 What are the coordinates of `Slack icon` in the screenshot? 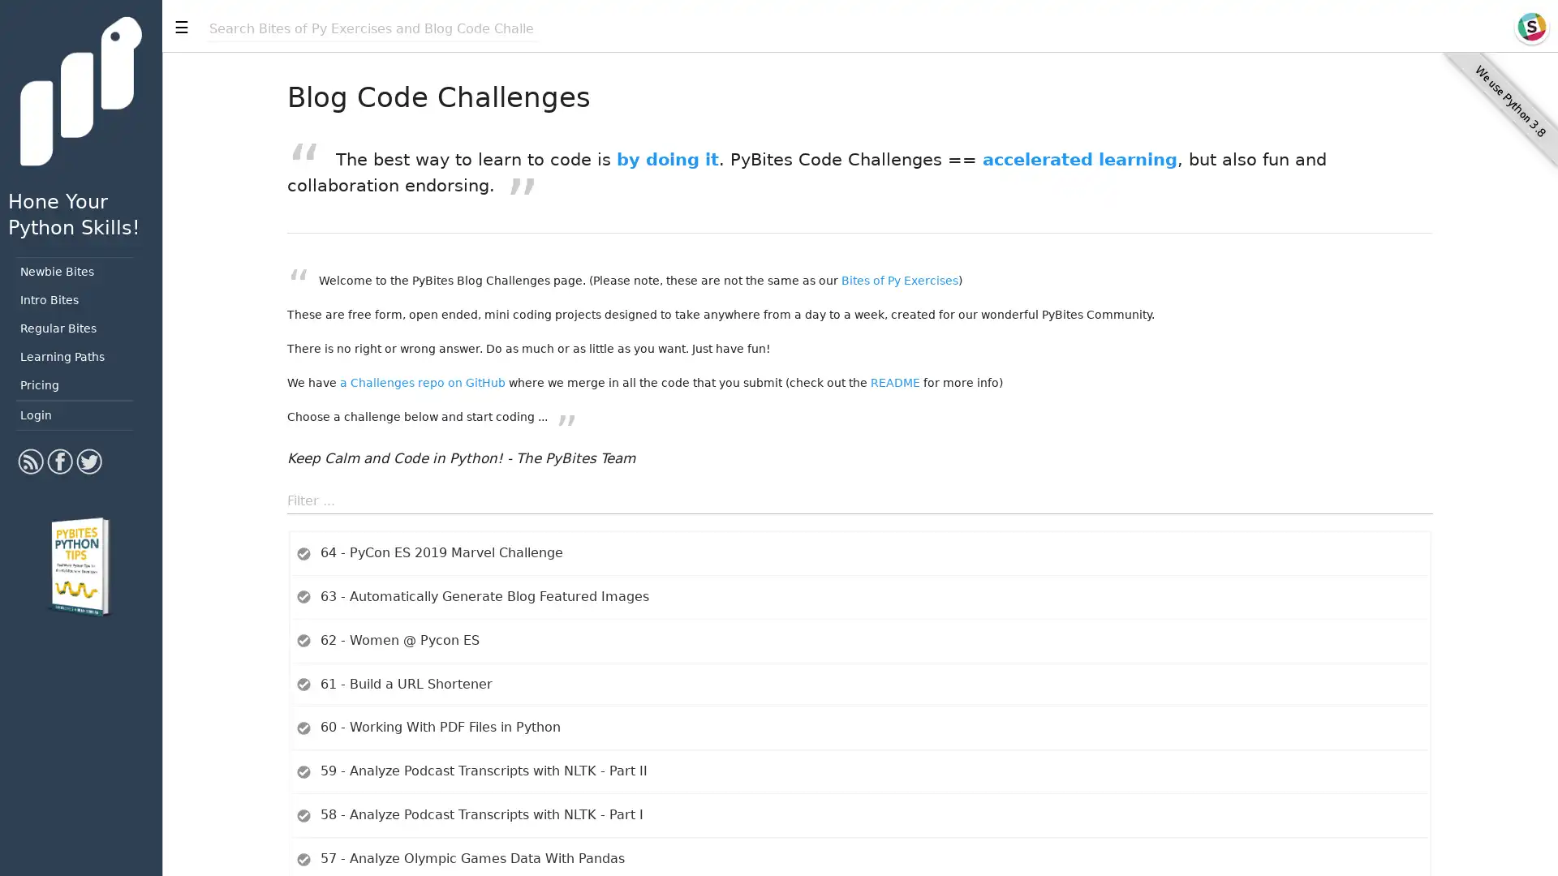 It's located at (1530, 27).